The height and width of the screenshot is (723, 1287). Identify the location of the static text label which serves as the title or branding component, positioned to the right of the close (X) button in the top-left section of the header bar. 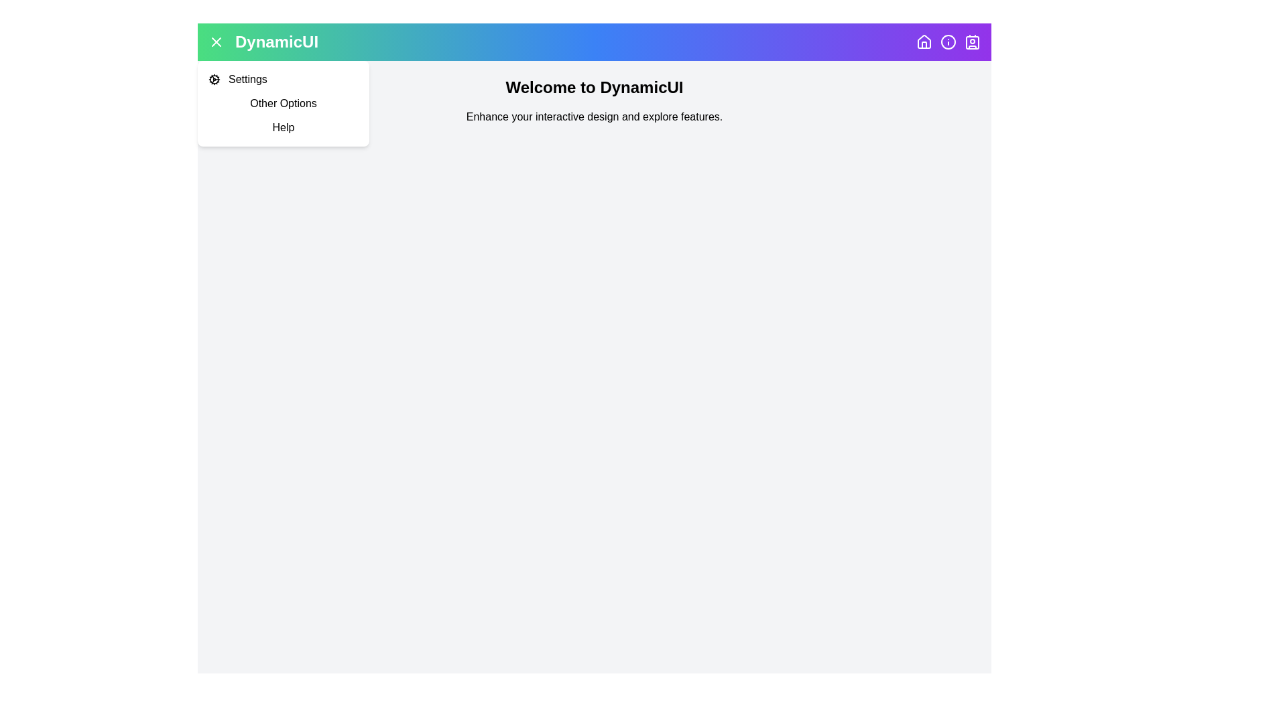
(263, 41).